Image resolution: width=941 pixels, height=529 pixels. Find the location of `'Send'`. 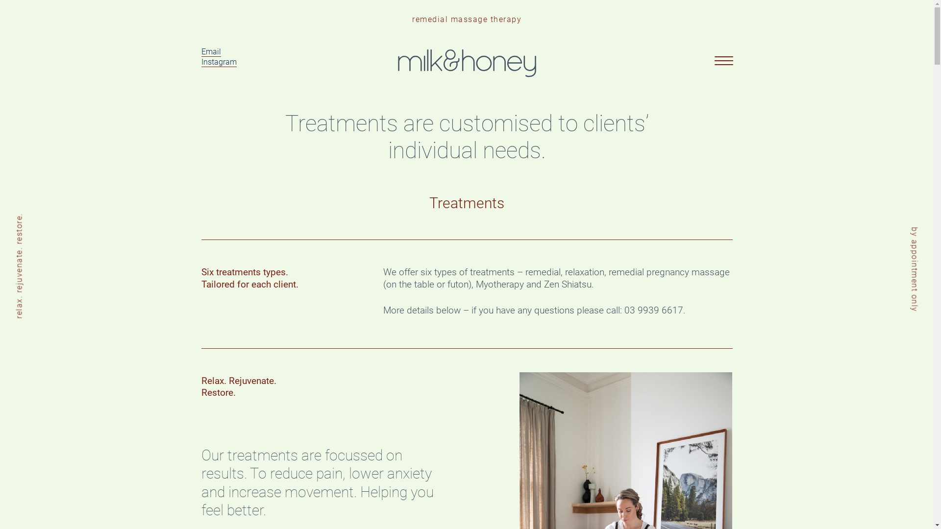

'Send' is located at coordinates (328, 379).